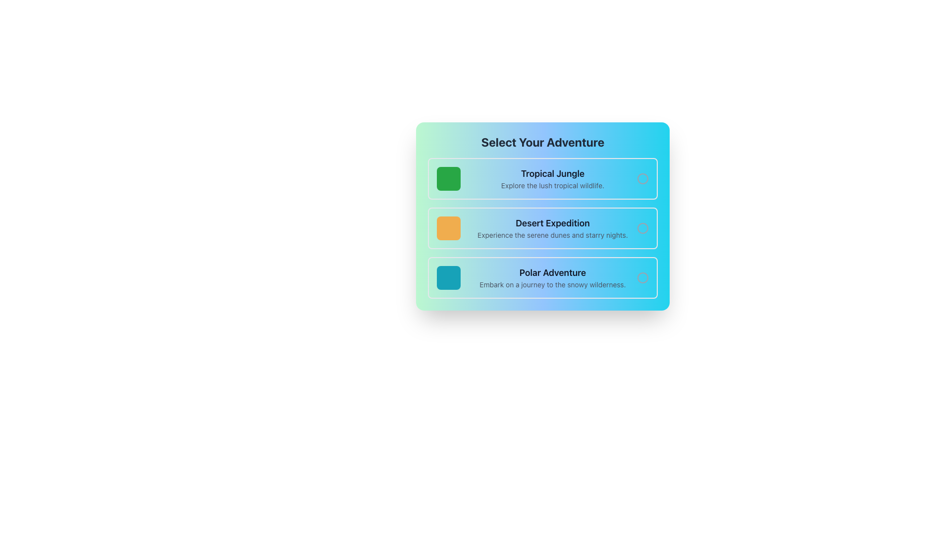 The image size is (951, 535). What do you see at coordinates (552, 284) in the screenshot?
I see `text 'Embark on a journey to the snowy wilderness.' located below the title 'Polar Adventure' in the 'Select Your Adventure' card` at bounding box center [552, 284].